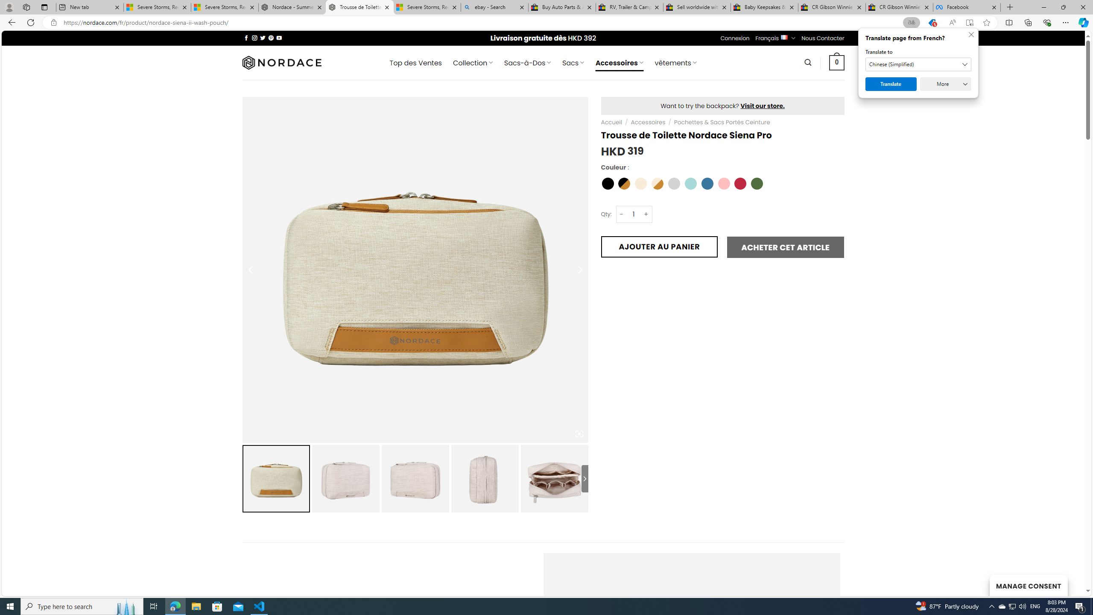 Image resolution: width=1093 pixels, height=615 pixels. What do you see at coordinates (697, 7) in the screenshot?
I see `'Sell worldwide with eBay'` at bounding box center [697, 7].